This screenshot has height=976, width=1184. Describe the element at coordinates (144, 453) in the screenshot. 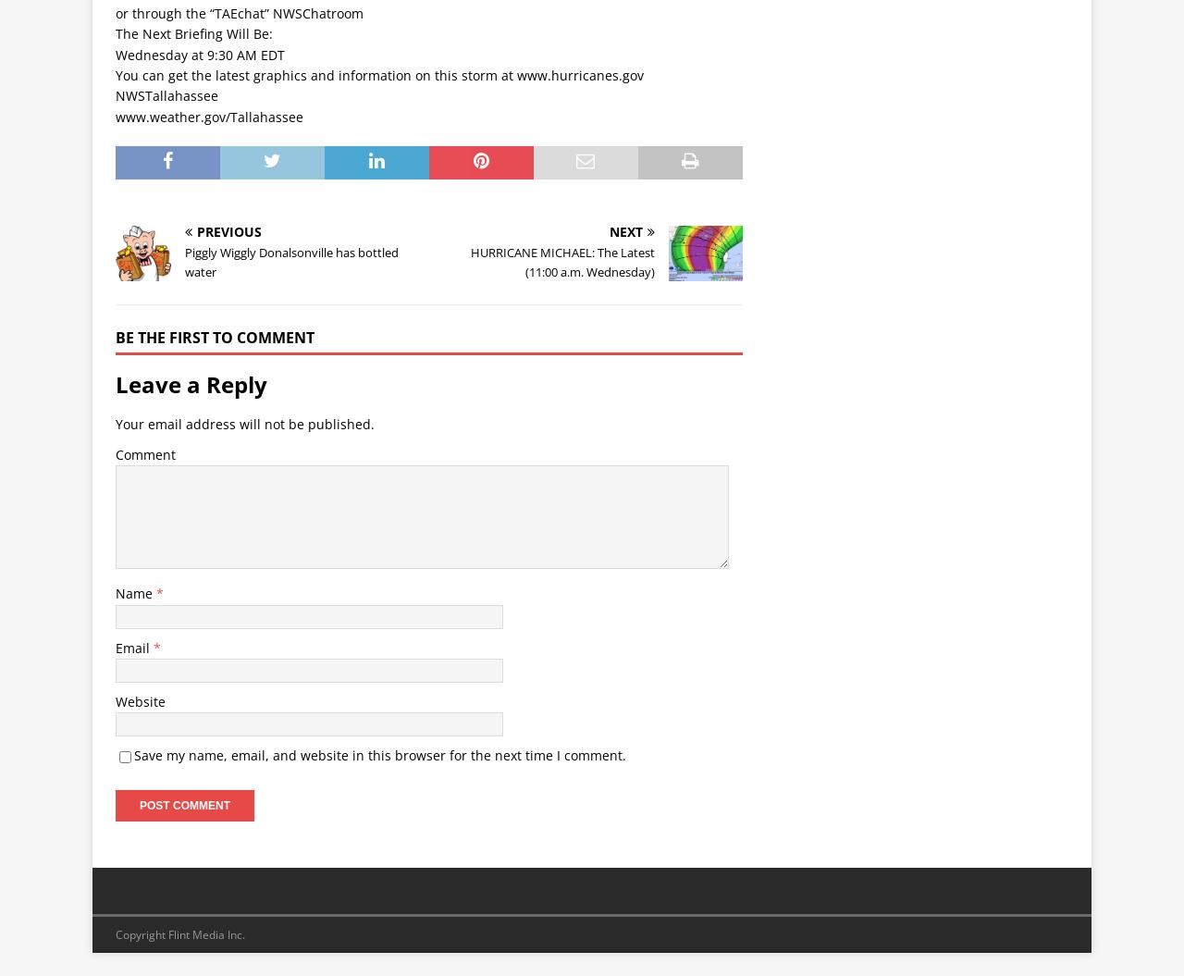

I see `'Comment'` at that location.